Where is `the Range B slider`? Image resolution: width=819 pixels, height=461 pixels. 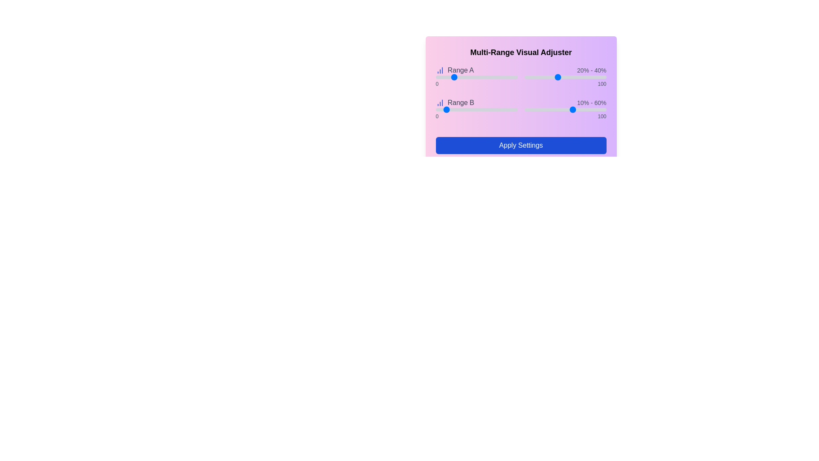 the Range B slider is located at coordinates (590, 109).